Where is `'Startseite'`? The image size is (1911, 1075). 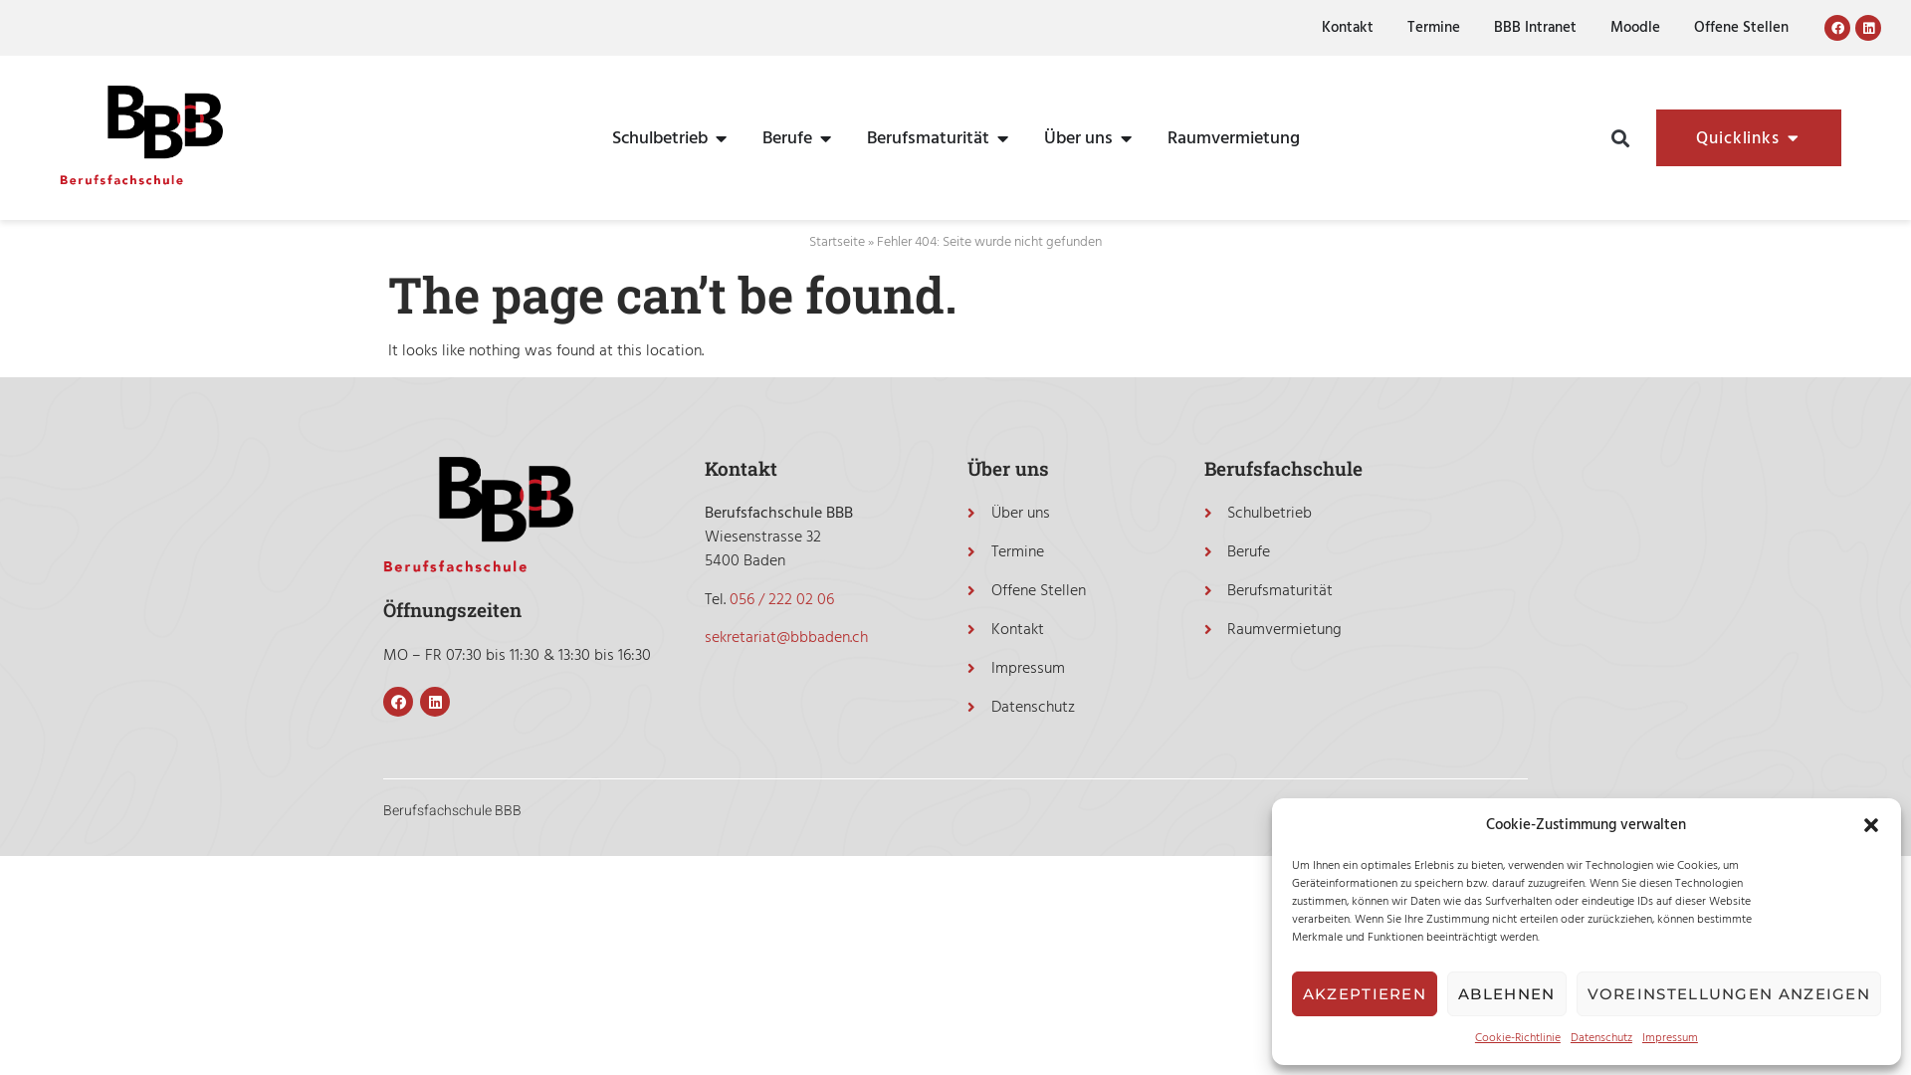
'Startseite' is located at coordinates (808, 241).